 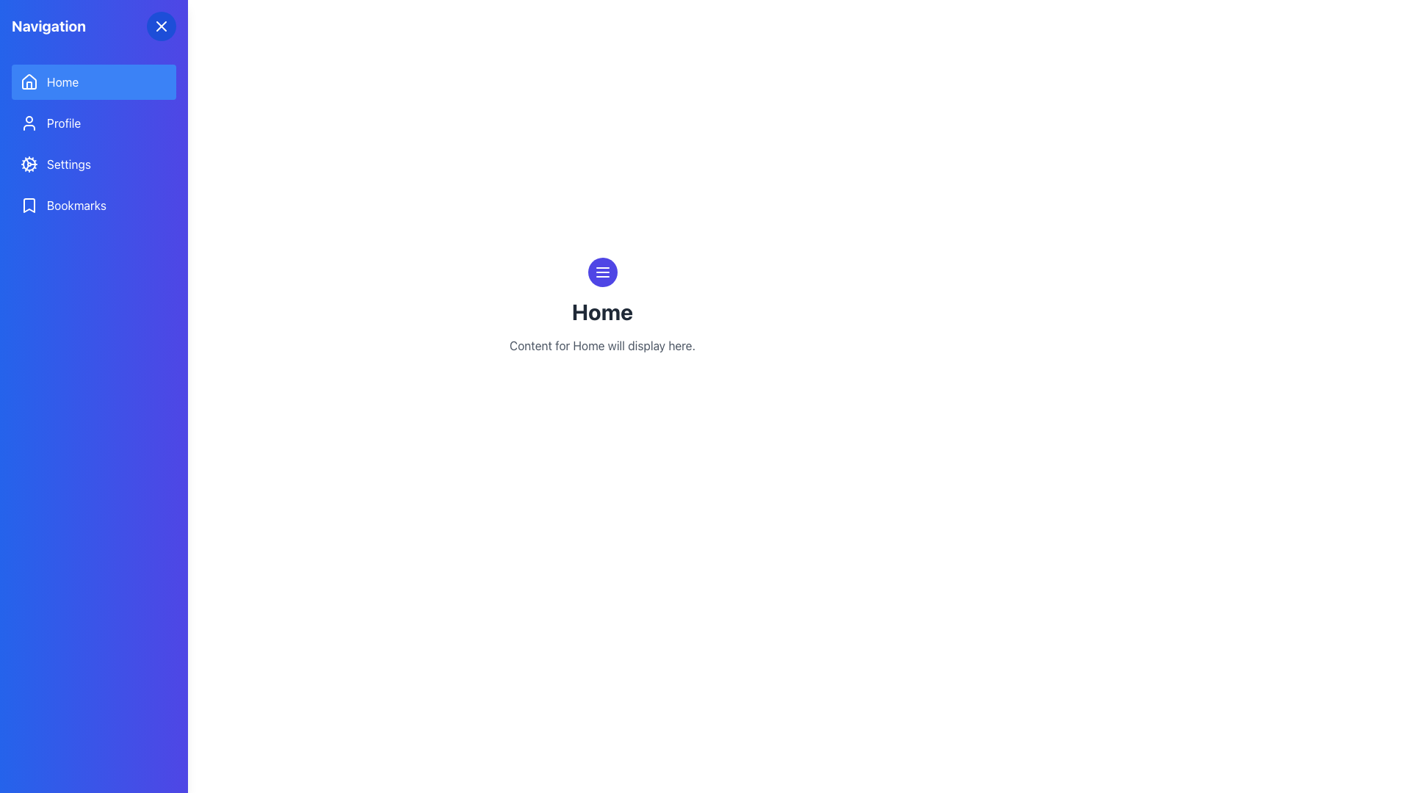 I want to click on the 'Bookmarks' text label in the navigation bar, so click(x=76, y=206).